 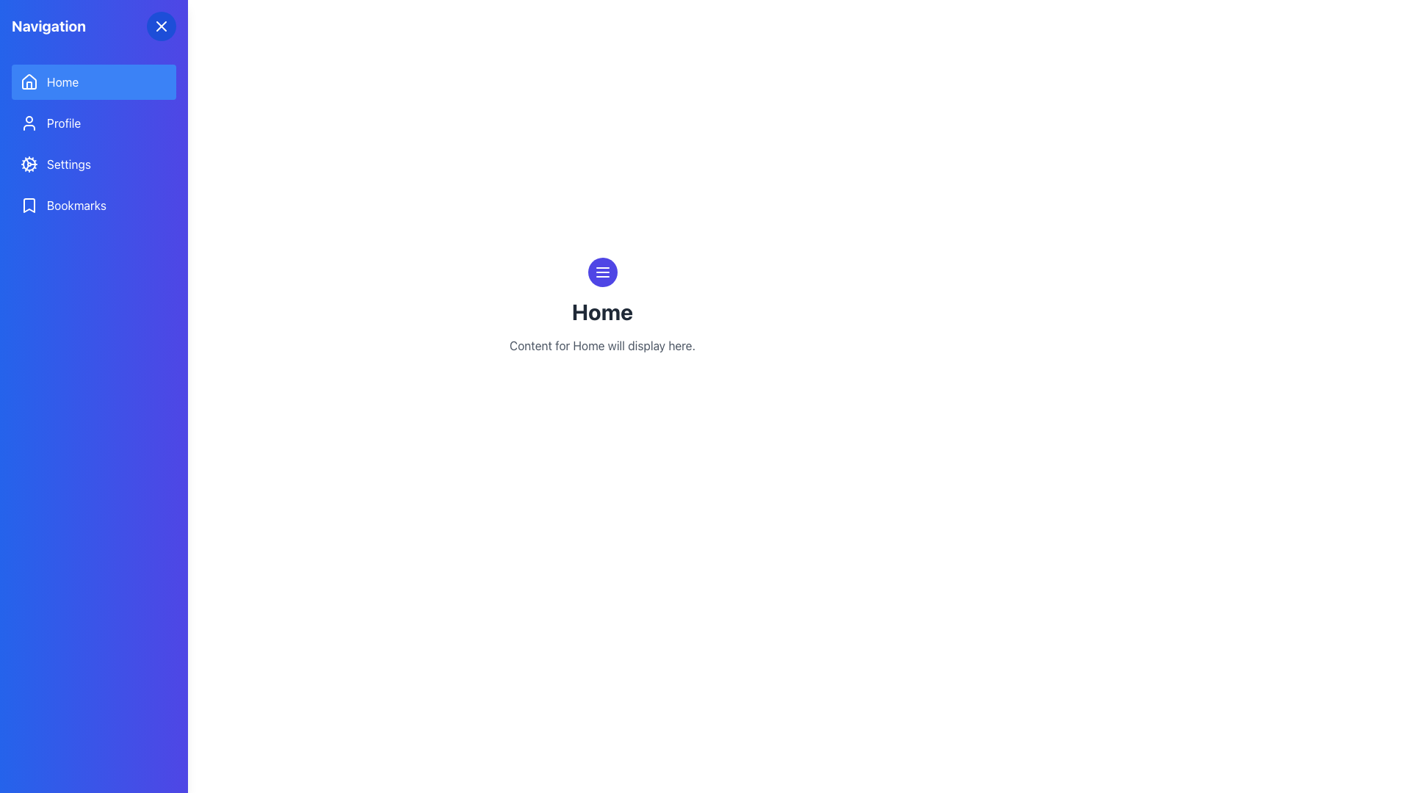 I want to click on the 'Bookmarks' text label in the navigation bar, so click(x=76, y=206).